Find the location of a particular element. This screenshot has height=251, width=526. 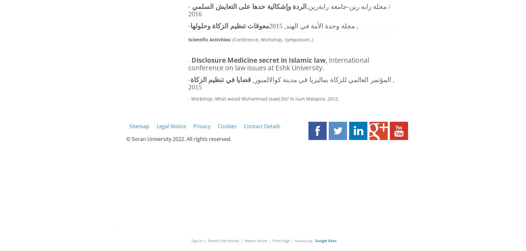

'Contact Details' is located at coordinates (262, 126).